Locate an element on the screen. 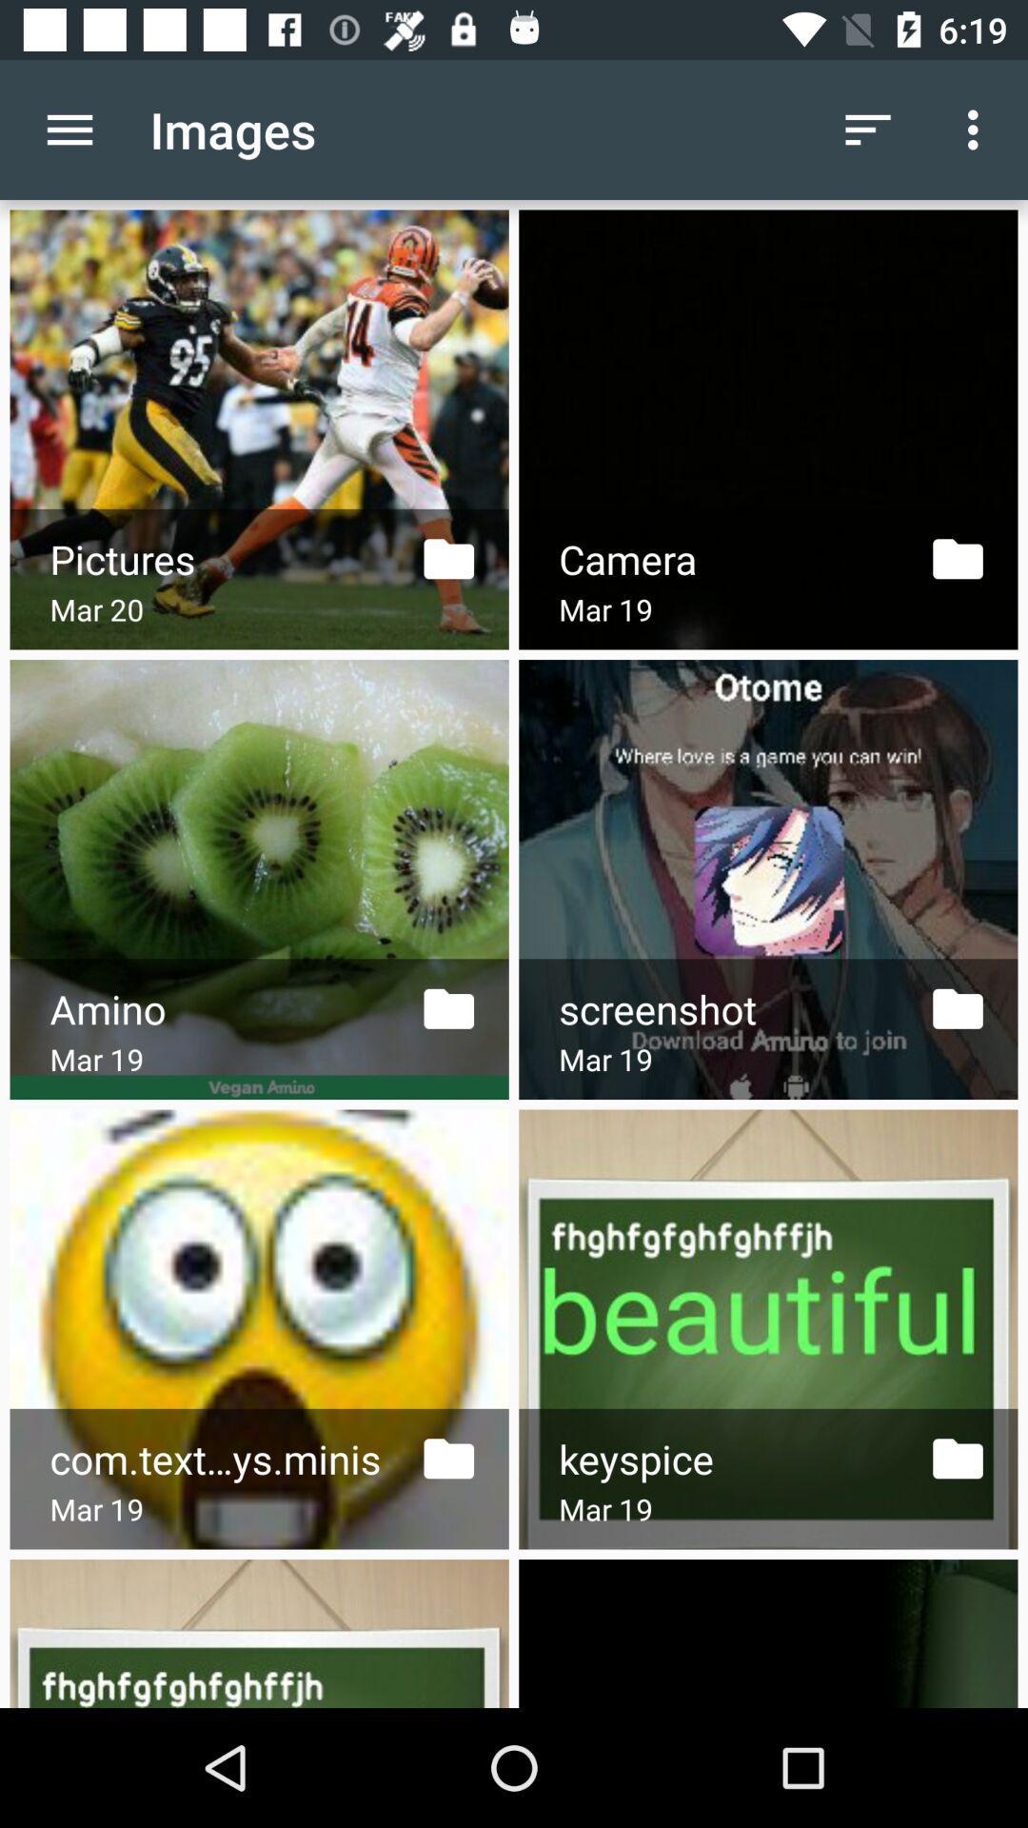 Image resolution: width=1028 pixels, height=1828 pixels. the app next to images item is located at coordinates (69, 129).